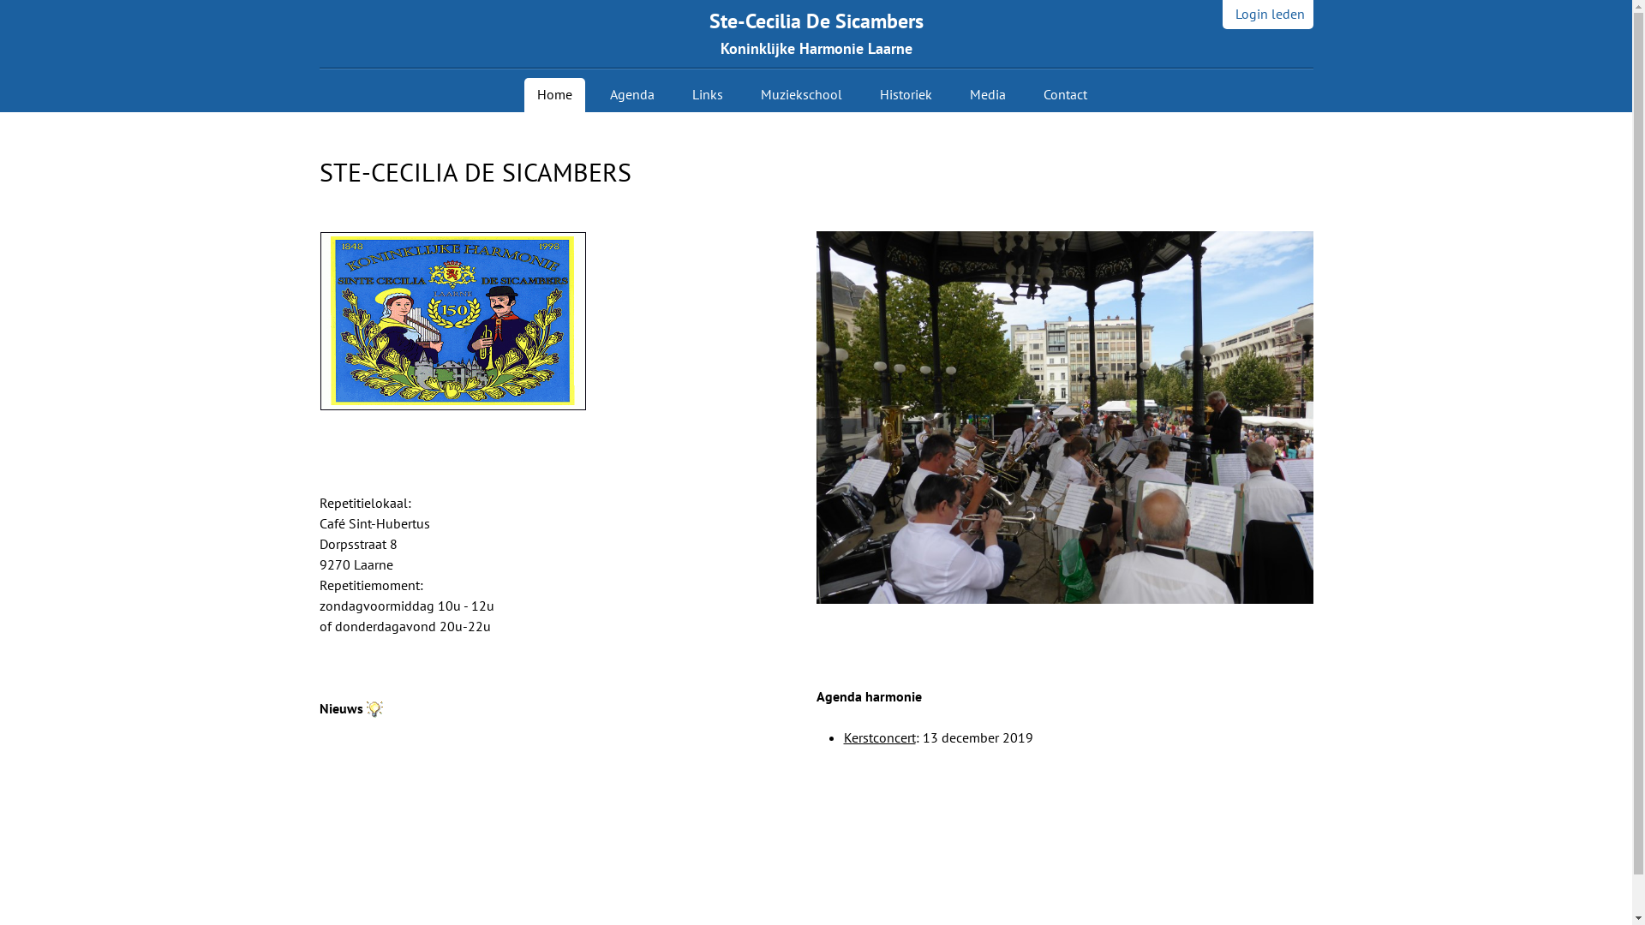 The height and width of the screenshot is (925, 1645). I want to click on 'Ste-Cecilia De Sicambers, so click(816, 33).